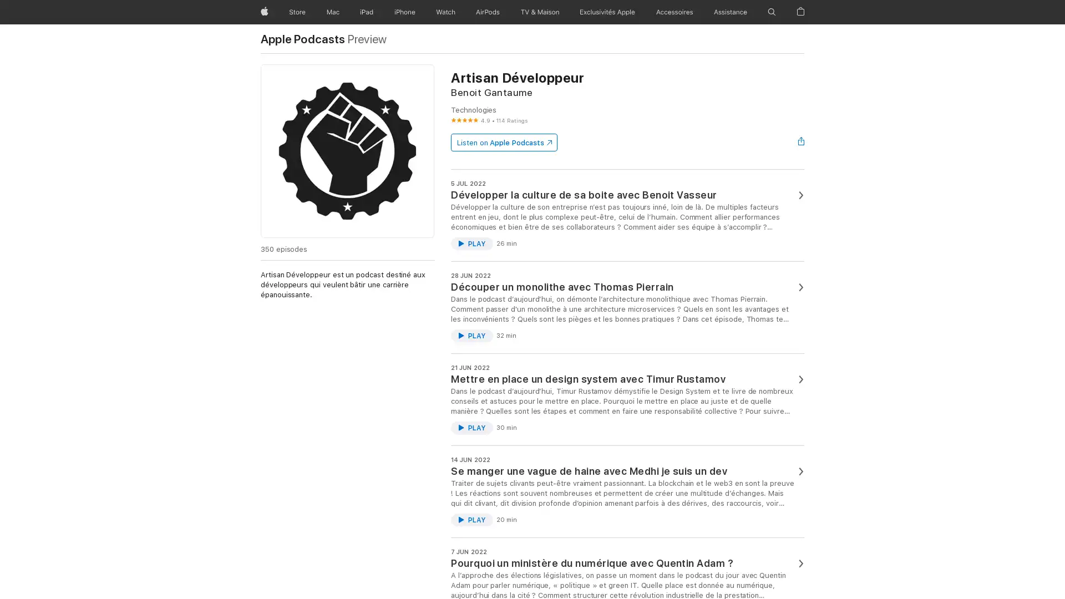 Image resolution: width=1065 pixels, height=599 pixels. What do you see at coordinates (471, 427) in the screenshot?
I see `Play Mettre en place un design system avec Timur Rustamov by @@podcastArtist@@` at bounding box center [471, 427].